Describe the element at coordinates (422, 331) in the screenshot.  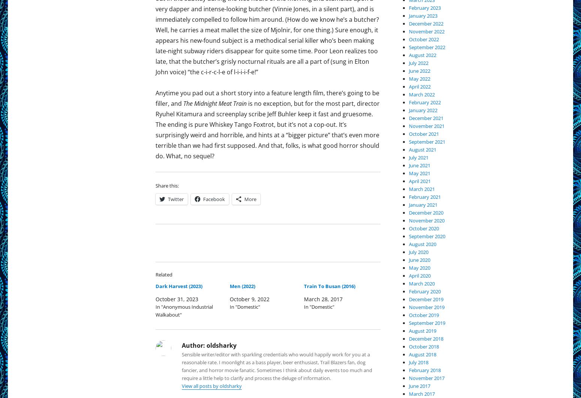
I see `'August 2019'` at that location.